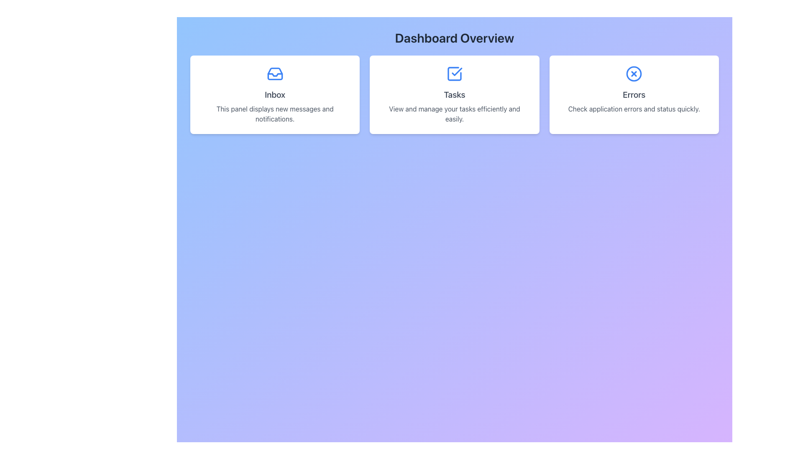 The width and height of the screenshot is (803, 451). What do you see at coordinates (634, 109) in the screenshot?
I see `the descriptive text element that provides information about checking errors and status, which is located at the bottom of the 'Errors' card in the Dashboard Overview section` at bounding box center [634, 109].